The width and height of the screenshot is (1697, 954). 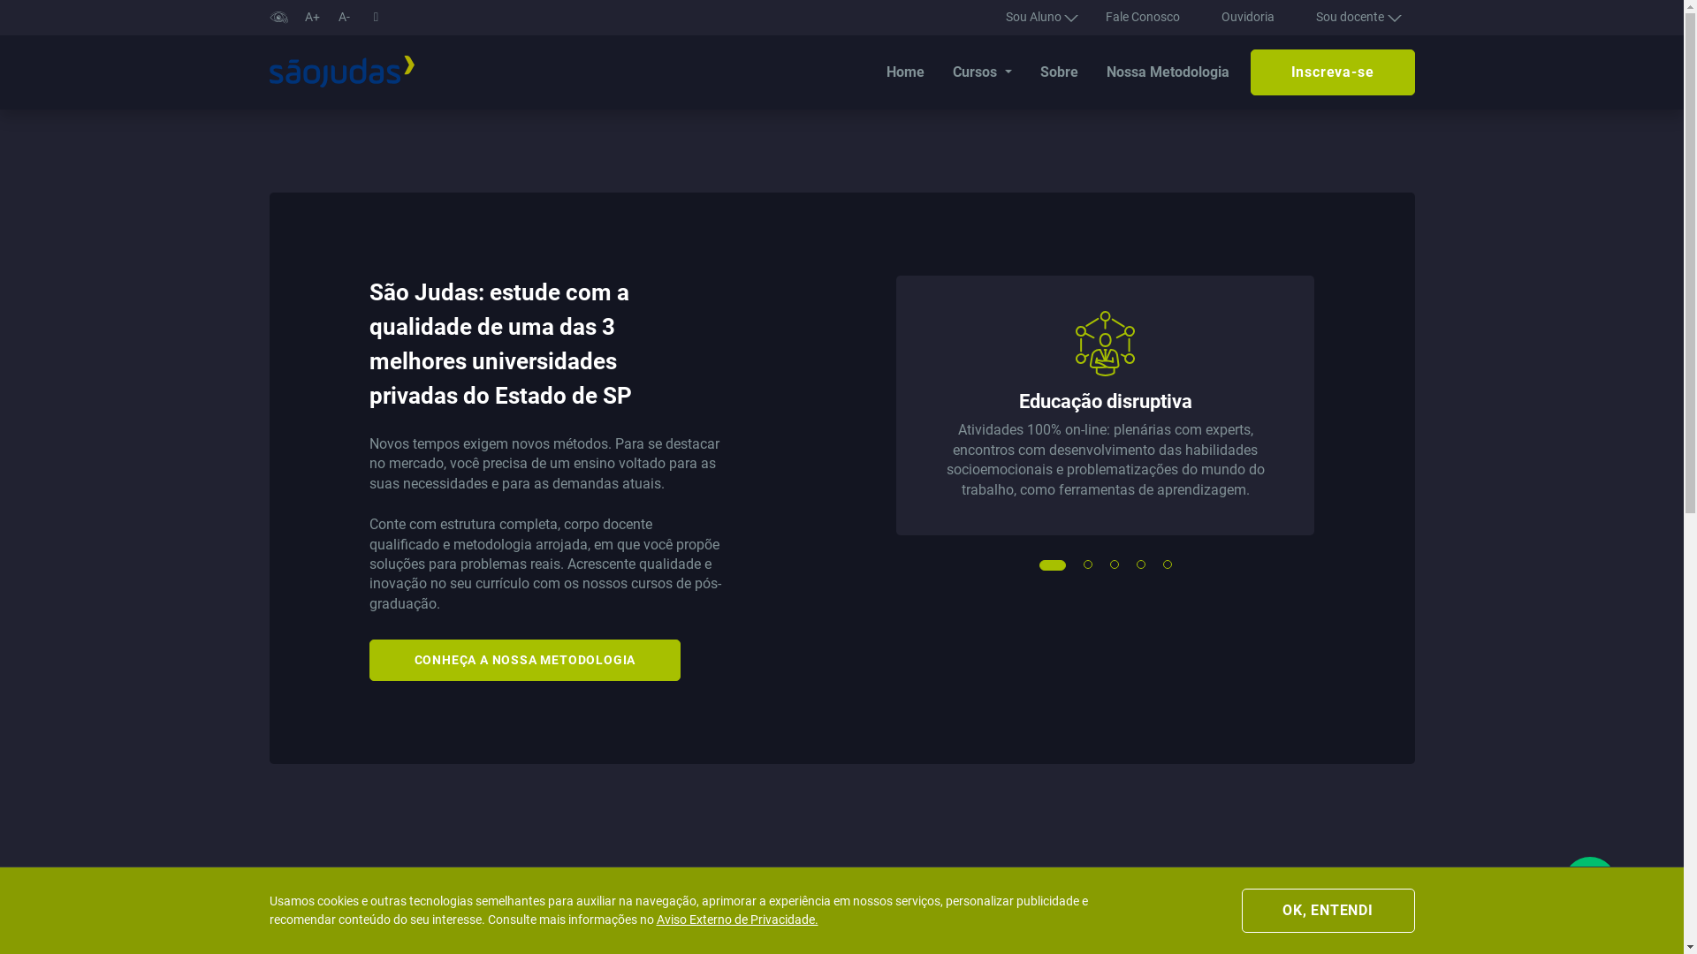 I want to click on '5', so click(x=1168, y=565).